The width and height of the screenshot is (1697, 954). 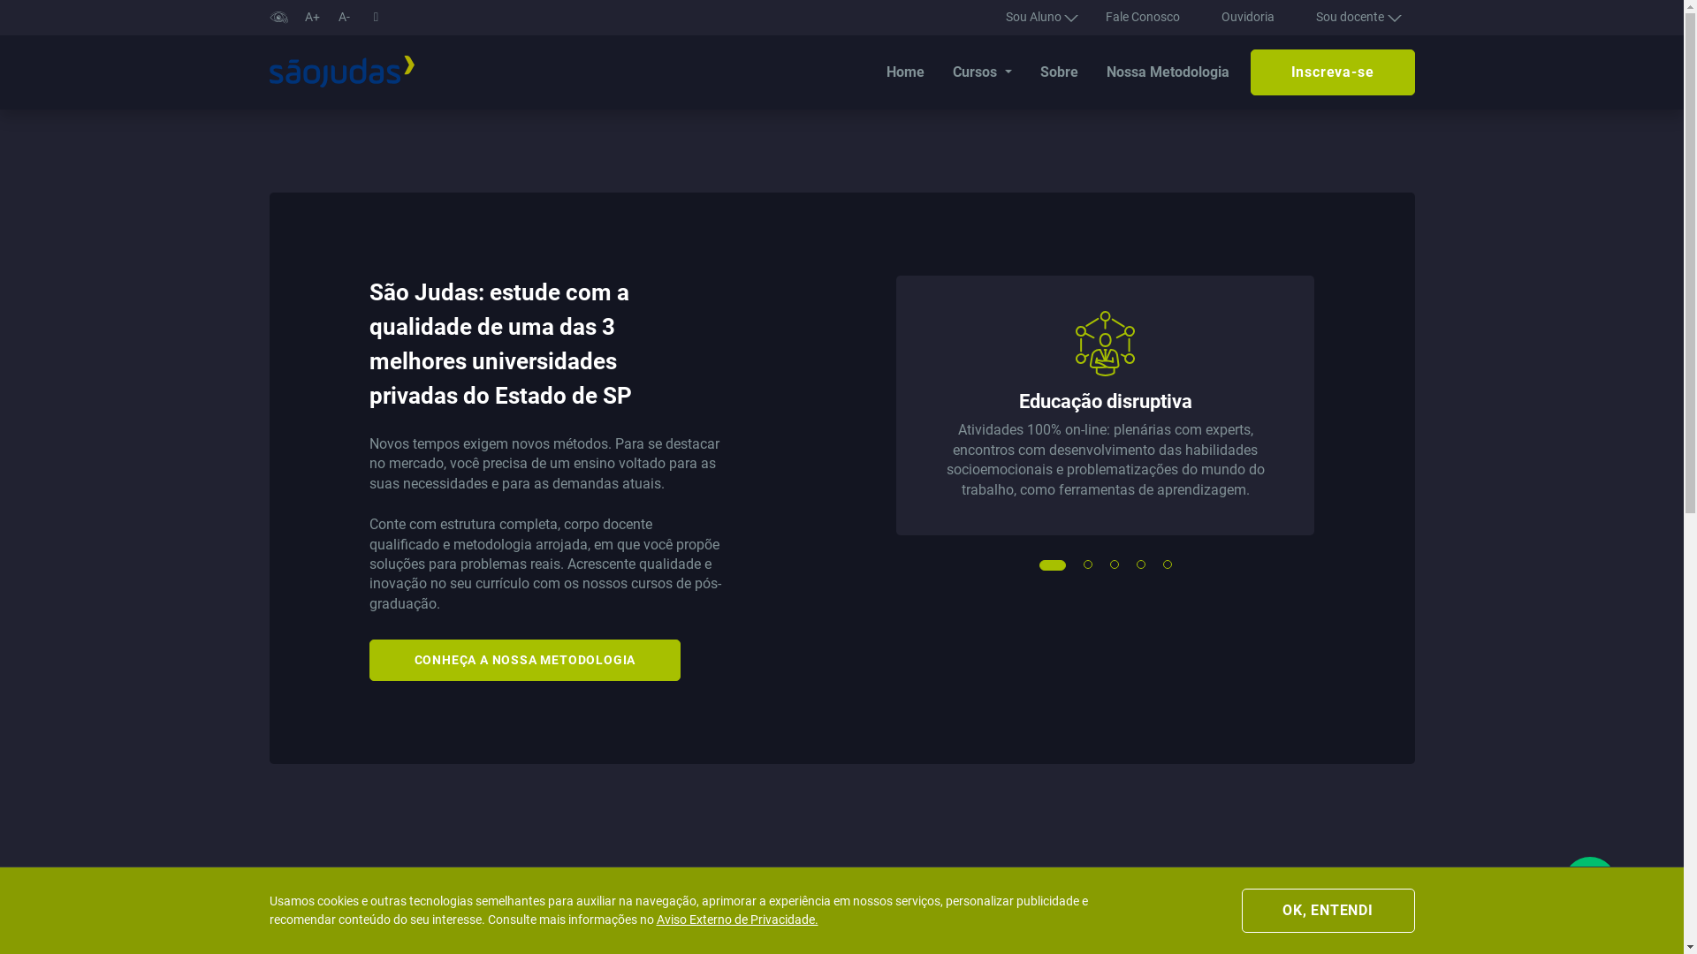 I want to click on '5', so click(x=1168, y=565).